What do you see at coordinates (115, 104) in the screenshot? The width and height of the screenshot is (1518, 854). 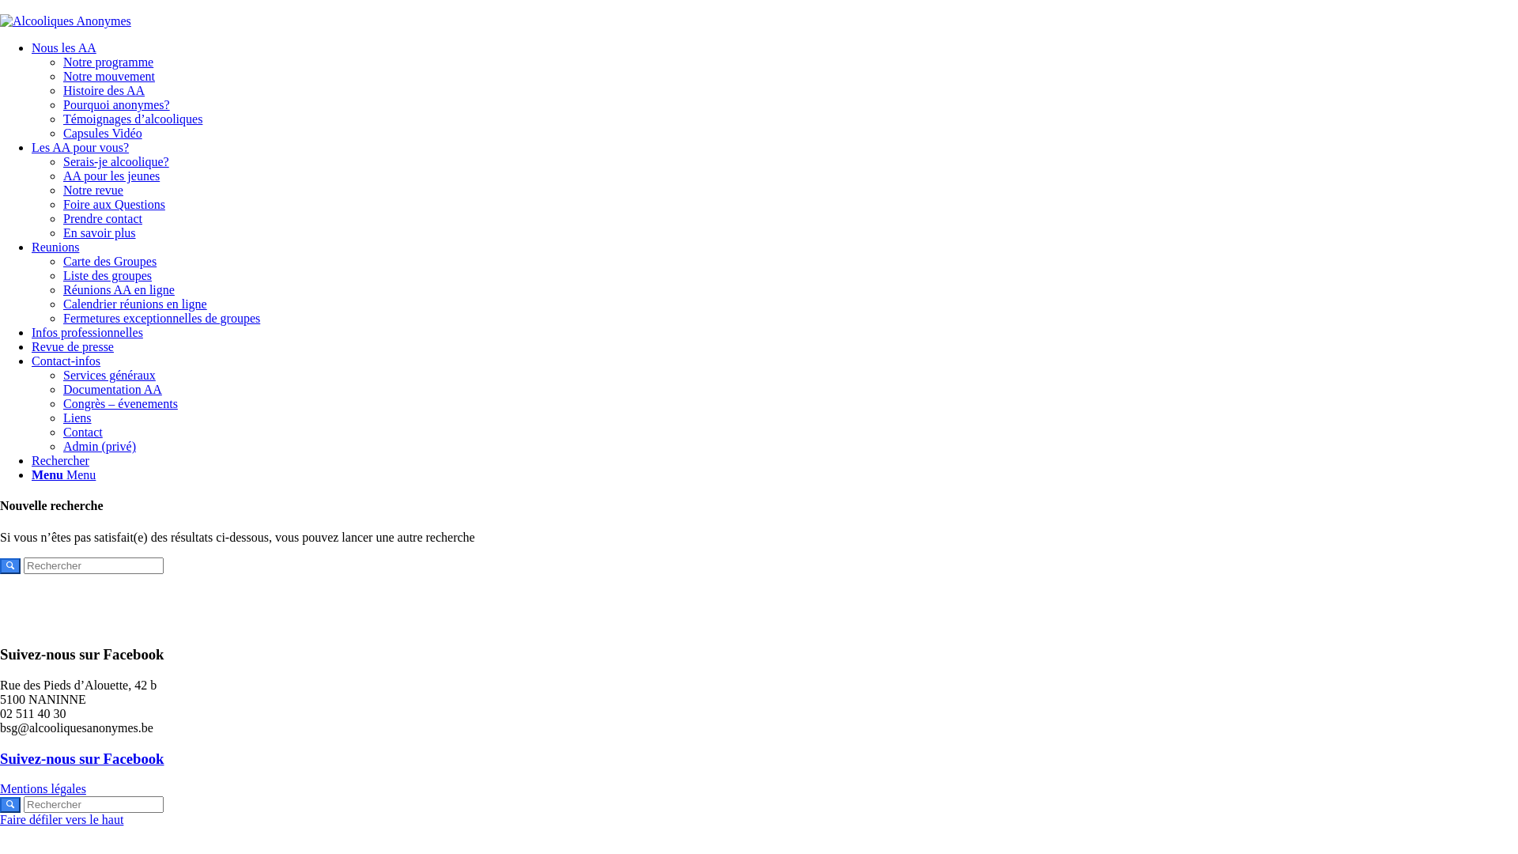 I see `'Pourquoi anonymes?'` at bounding box center [115, 104].